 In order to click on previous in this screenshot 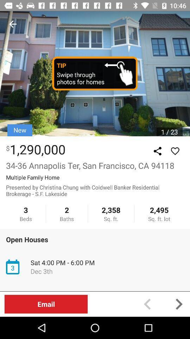, I will do `click(147, 304)`.